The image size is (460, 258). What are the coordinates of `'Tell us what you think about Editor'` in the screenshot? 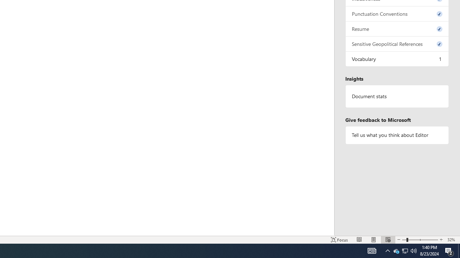 It's located at (397, 135).